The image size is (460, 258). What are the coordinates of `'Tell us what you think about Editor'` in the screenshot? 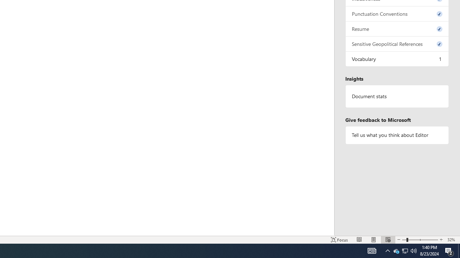 It's located at (397, 135).